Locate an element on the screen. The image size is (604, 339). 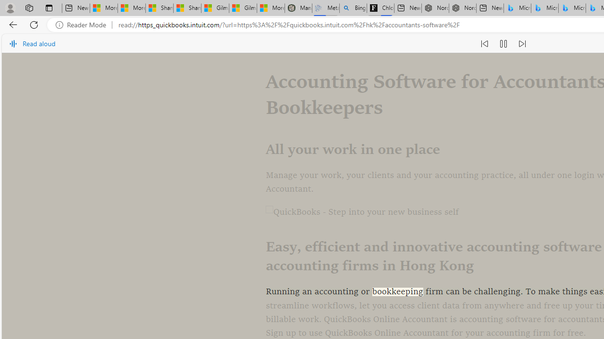
'Pause read aloud (Ctrl+Shift+U)' is located at coordinates (503, 43).